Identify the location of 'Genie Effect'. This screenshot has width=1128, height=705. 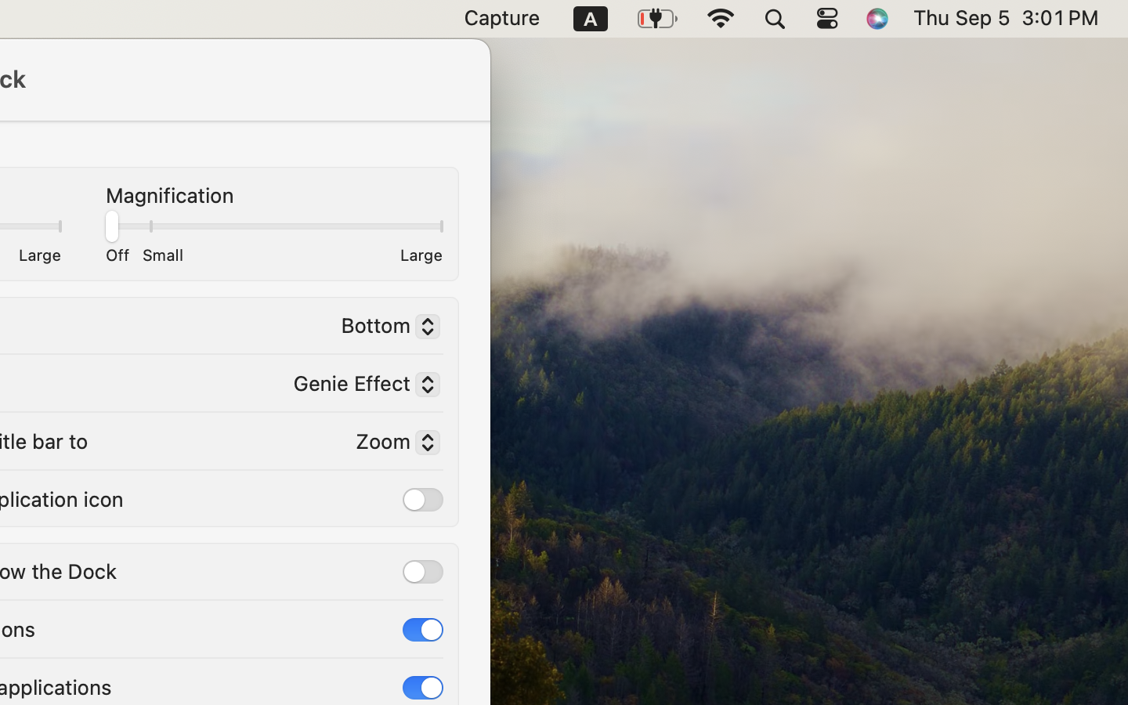
(360, 385).